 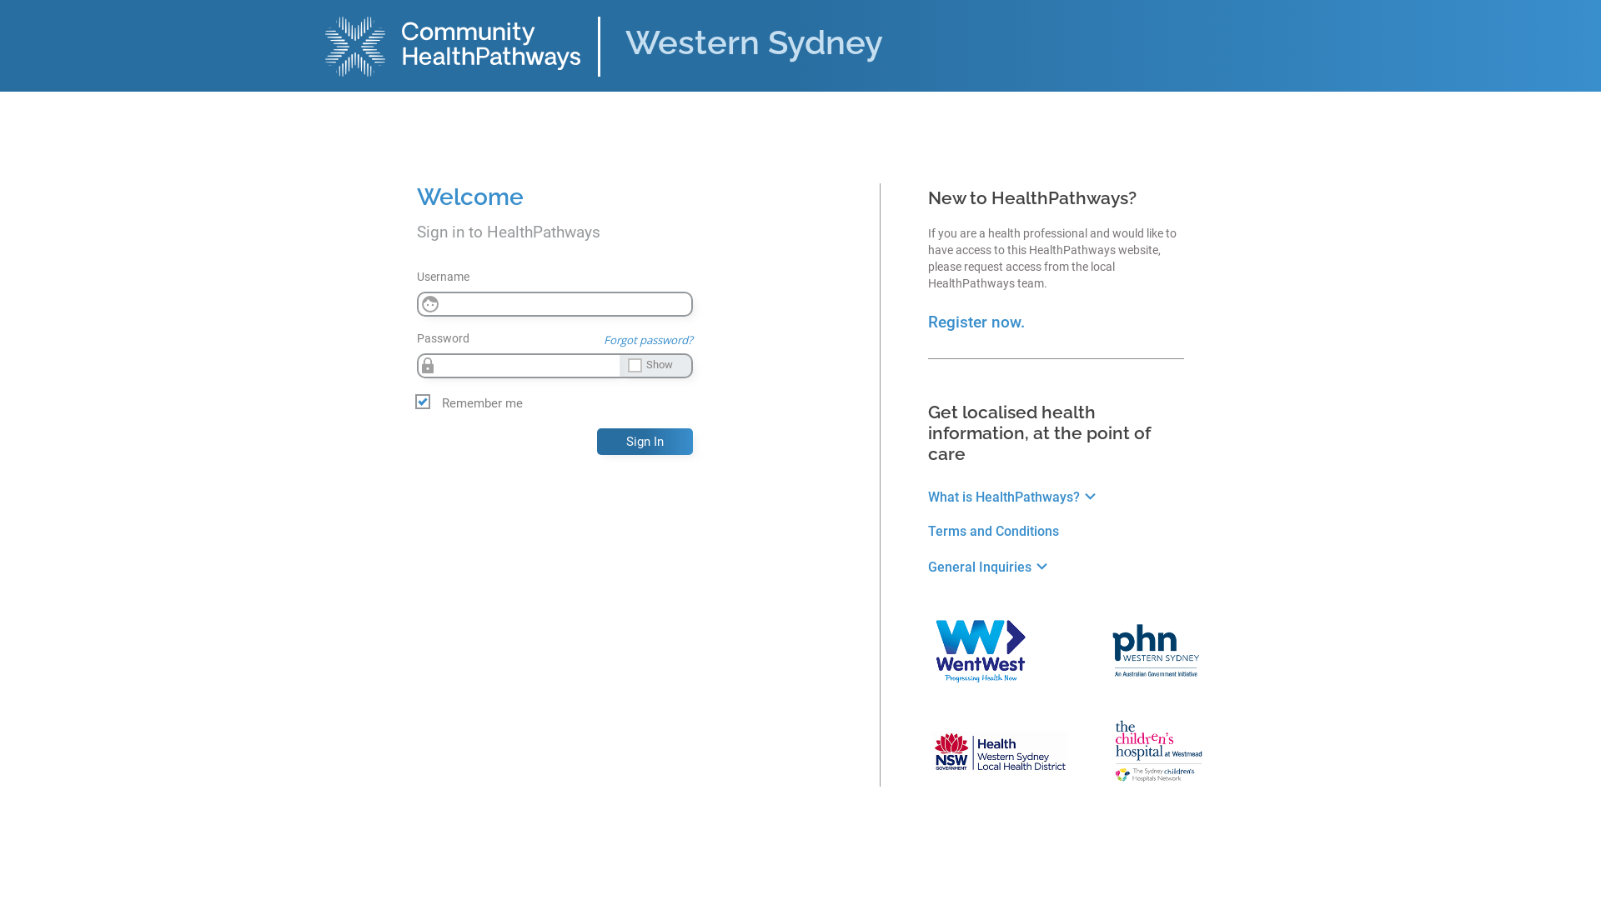 What do you see at coordinates (644, 440) in the screenshot?
I see `'Sign In'` at bounding box center [644, 440].